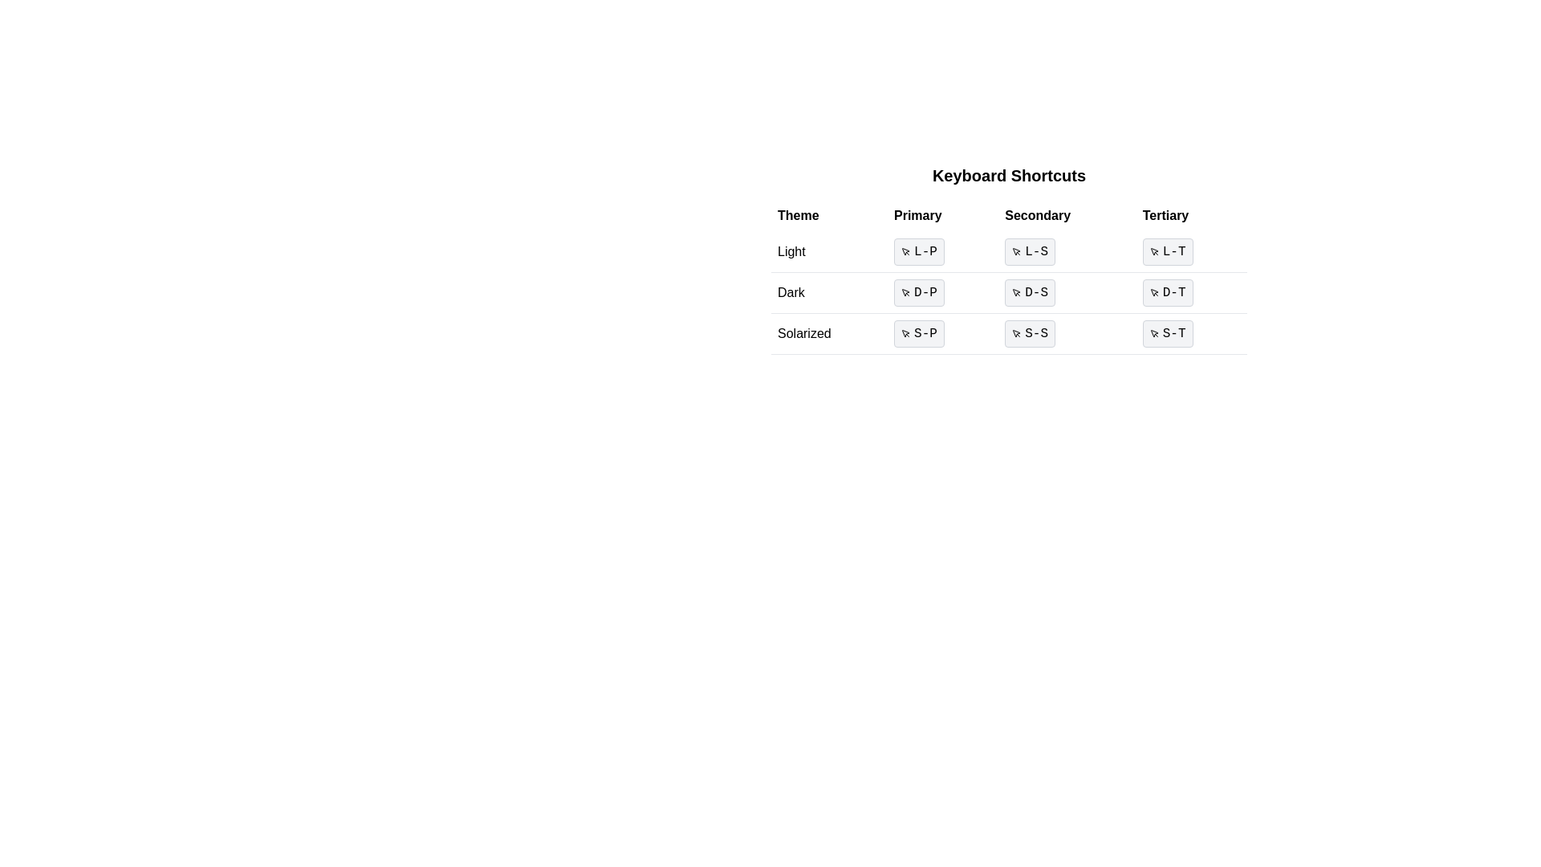  What do you see at coordinates (1016, 292) in the screenshot?
I see `the icon representing the 'Dark' theme's secondary shortcut located in the second row of the table under the 'Secondary' column` at bounding box center [1016, 292].